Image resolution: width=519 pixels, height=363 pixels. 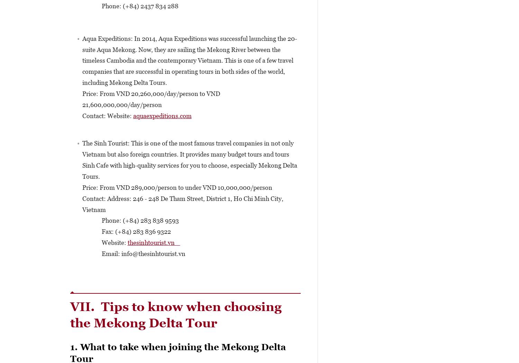 I want to click on 'aquaexpeditions.com', so click(x=162, y=115).